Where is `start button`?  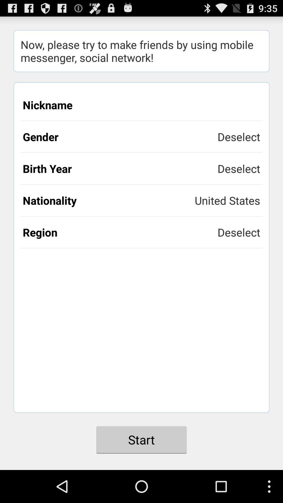 start button is located at coordinates (141, 440).